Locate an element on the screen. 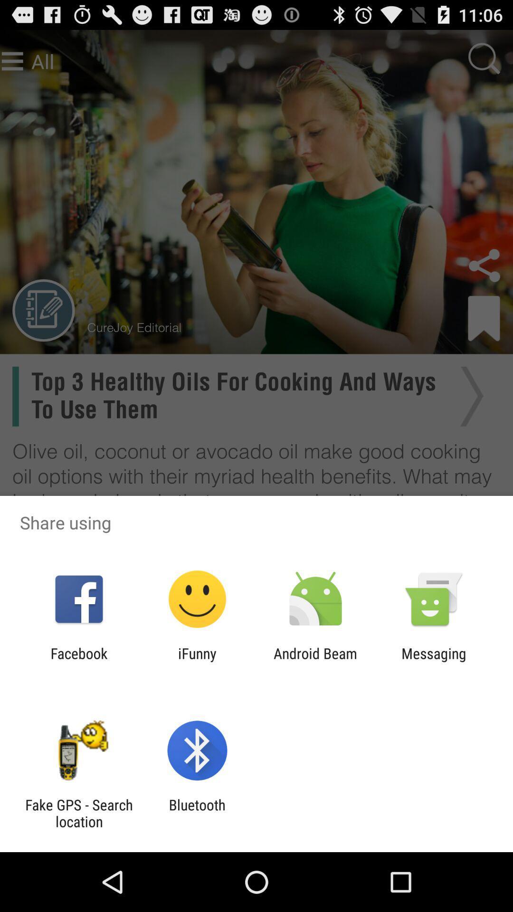 The height and width of the screenshot is (912, 513). android beam item is located at coordinates (315, 661).